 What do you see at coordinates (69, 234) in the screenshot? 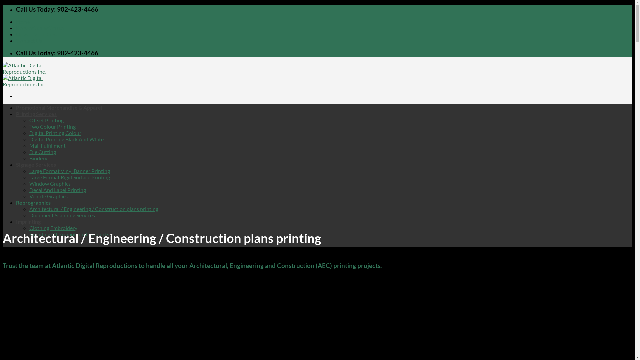
I see `'Branding Of Promotional Products'` at bounding box center [69, 234].